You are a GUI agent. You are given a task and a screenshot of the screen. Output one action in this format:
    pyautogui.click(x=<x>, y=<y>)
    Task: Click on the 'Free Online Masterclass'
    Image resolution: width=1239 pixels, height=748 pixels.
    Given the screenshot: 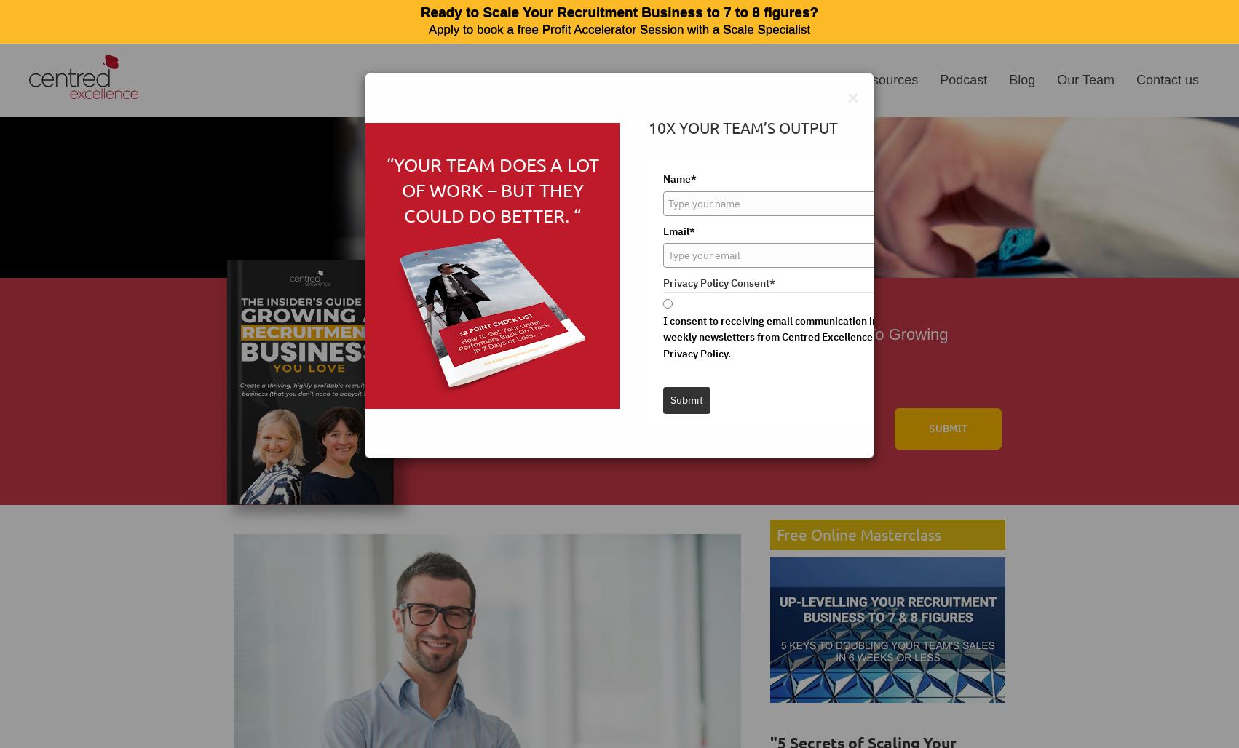 What is the action you would take?
    pyautogui.click(x=858, y=533)
    